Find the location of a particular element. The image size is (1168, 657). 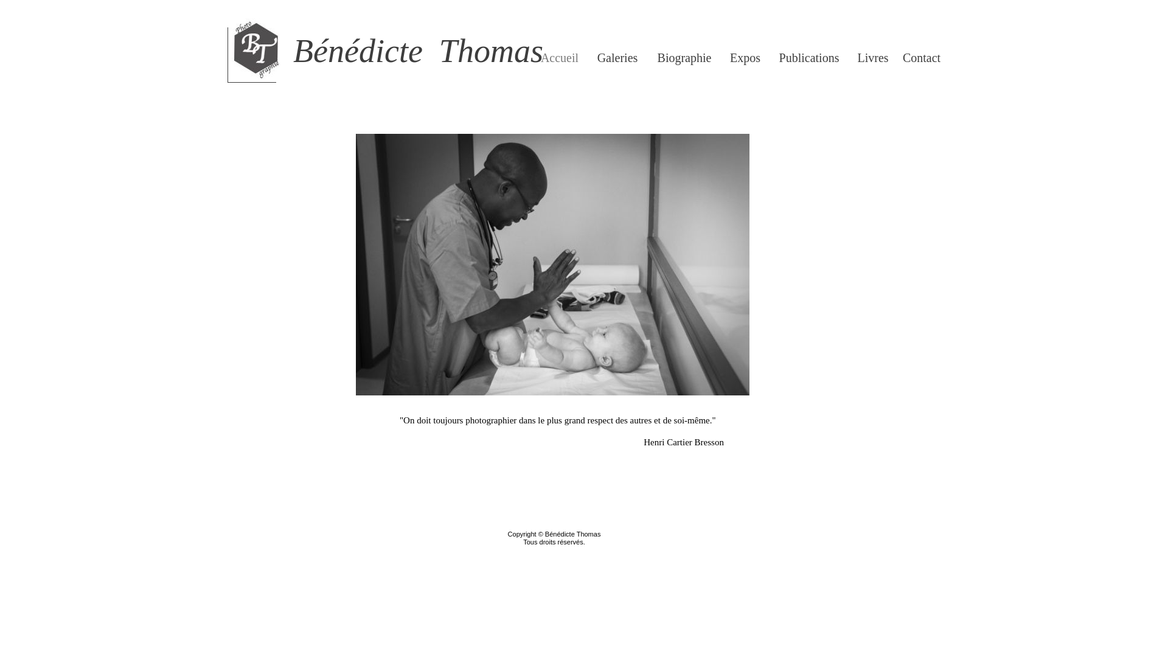

'Expos' is located at coordinates (724, 58).